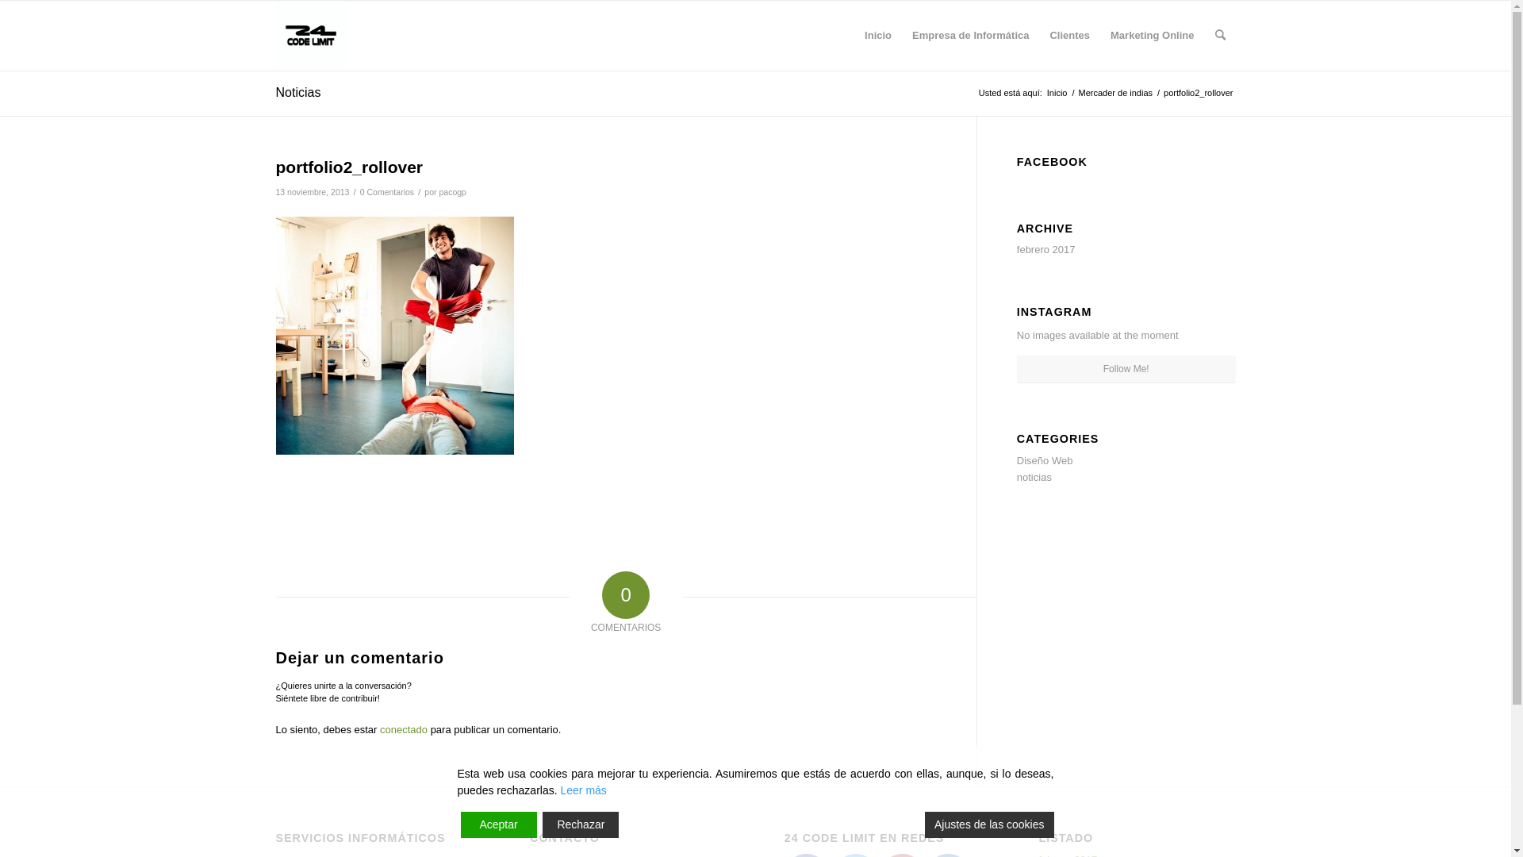  What do you see at coordinates (988, 824) in the screenshot?
I see `'Ajustes de las cookies'` at bounding box center [988, 824].